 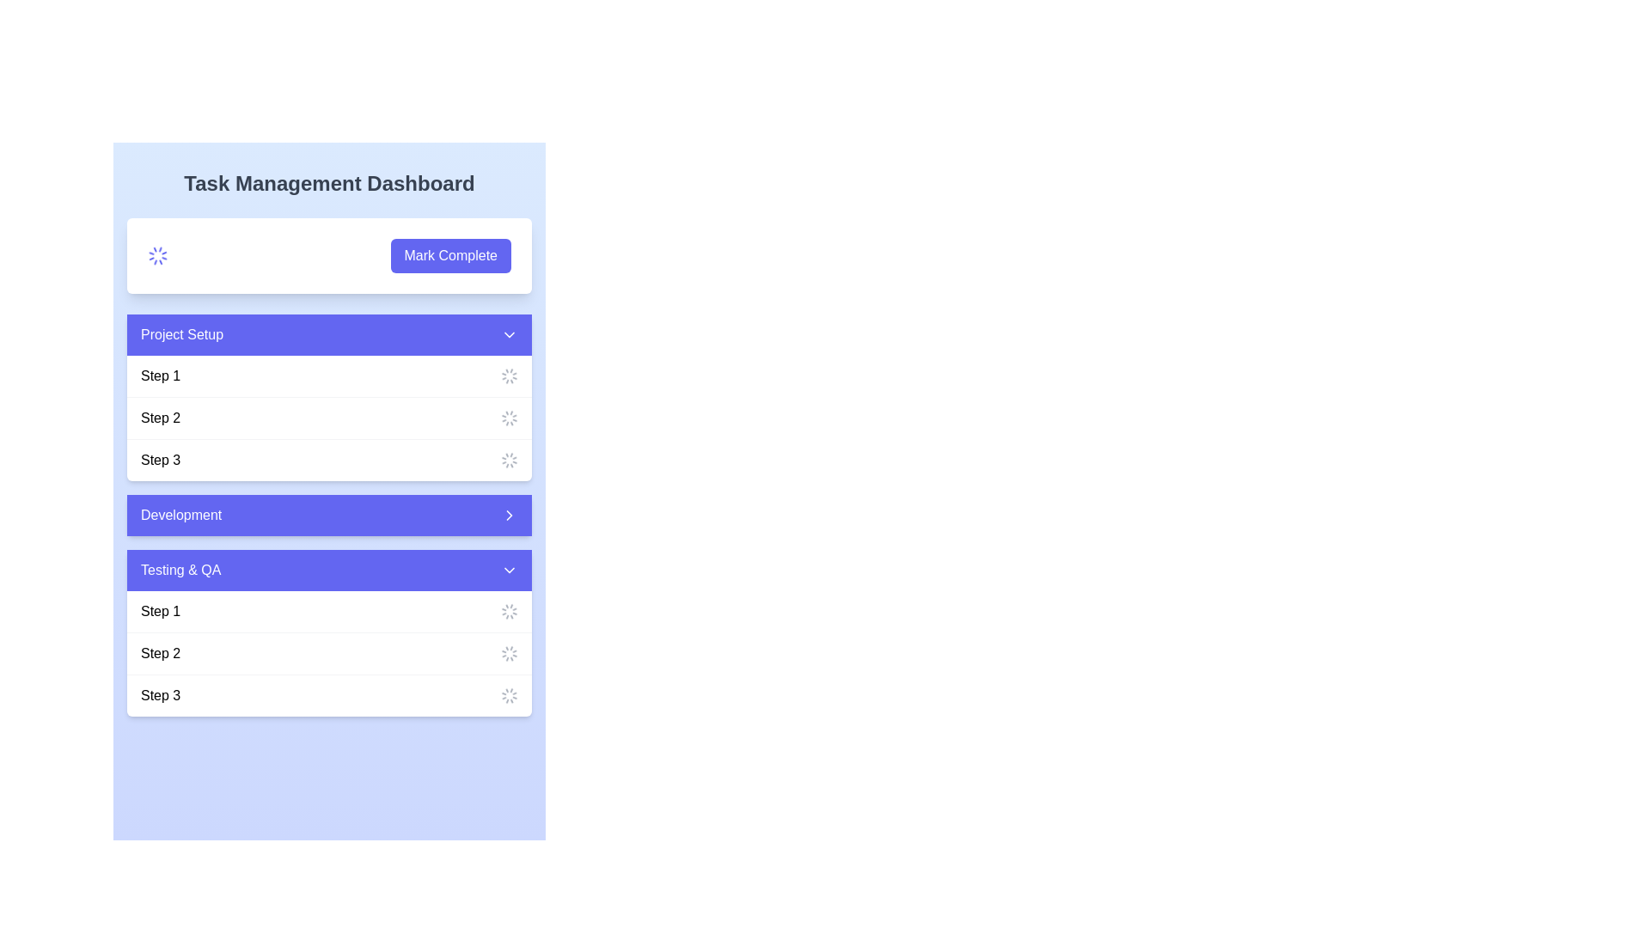 I want to click on the Loader/Spinner element located at the far right of the 'Step 3' row in the 'Project Setup' section, indicating that a process is ongoing, so click(x=509, y=696).